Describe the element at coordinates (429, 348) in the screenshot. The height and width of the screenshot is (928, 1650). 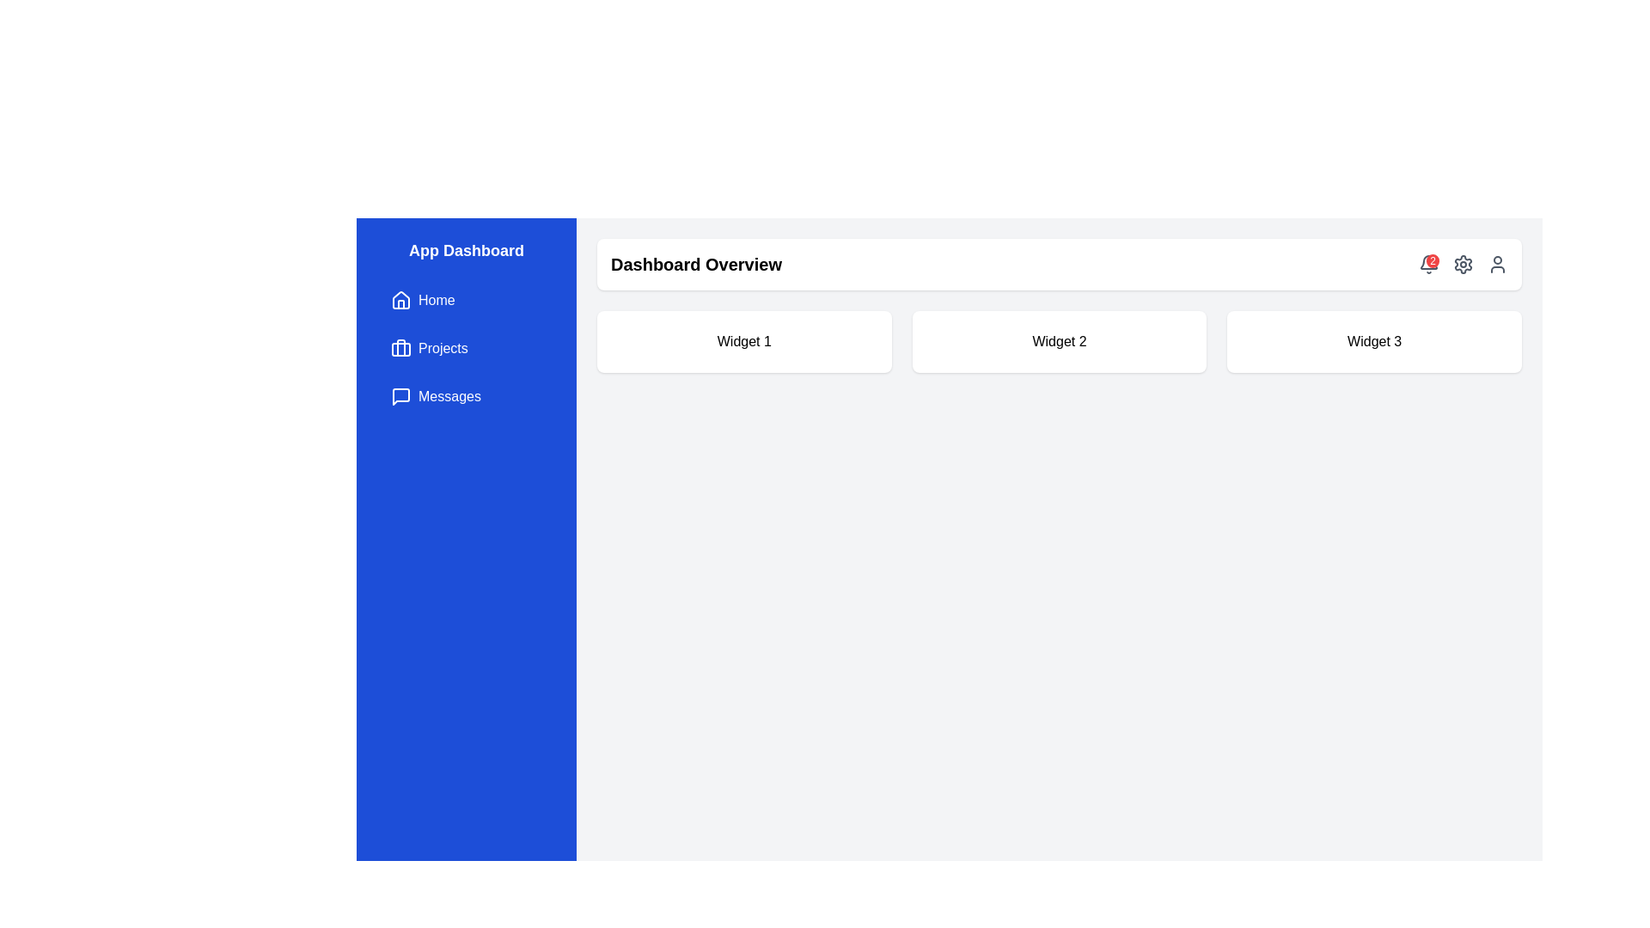
I see `the 'Projects' navigation button located in the left sidebar, which is the second button in a vertical list, to trigger the background color change` at that location.